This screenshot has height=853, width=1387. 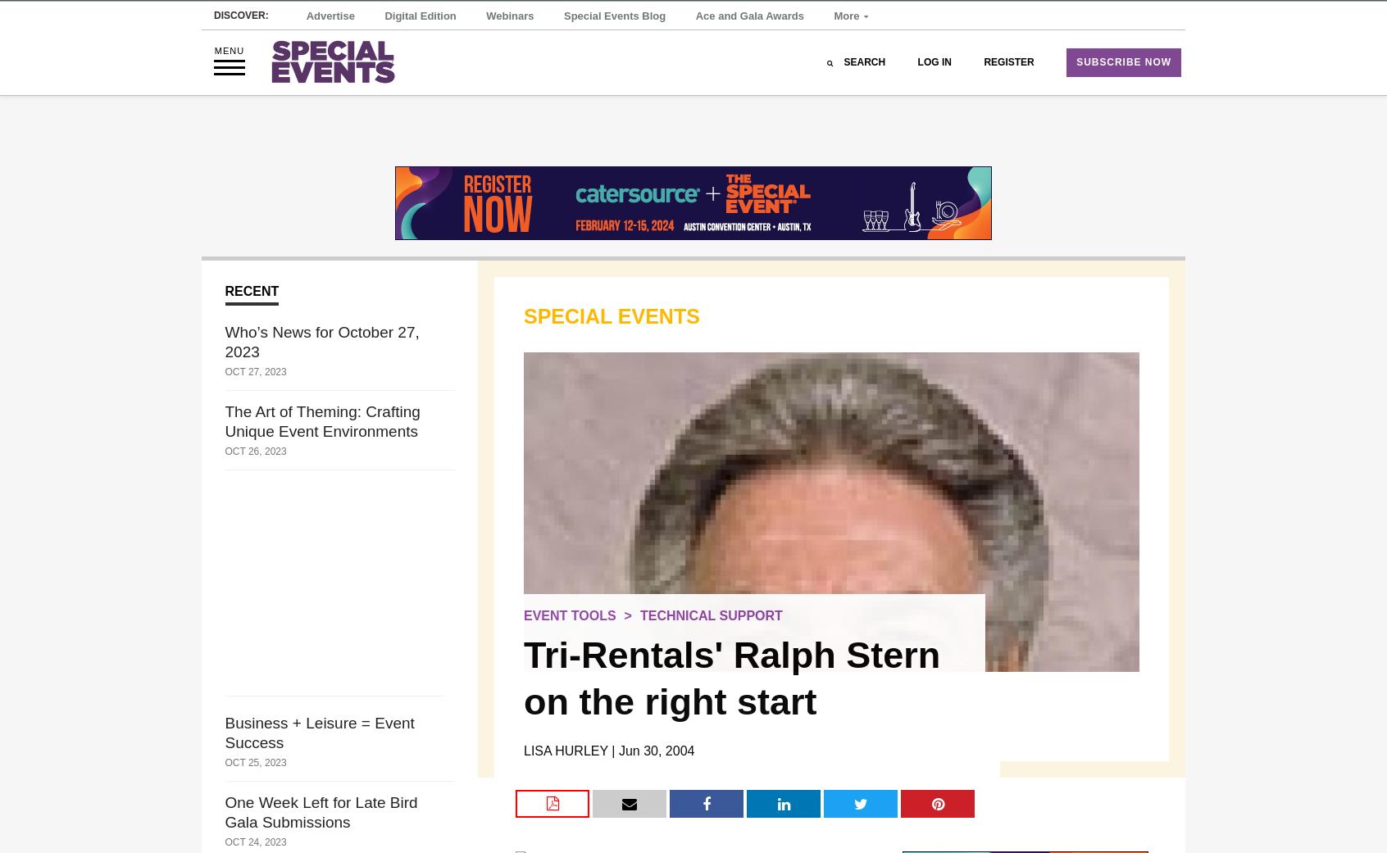 I want to click on 'Jun 30, 2004', so click(x=656, y=750).